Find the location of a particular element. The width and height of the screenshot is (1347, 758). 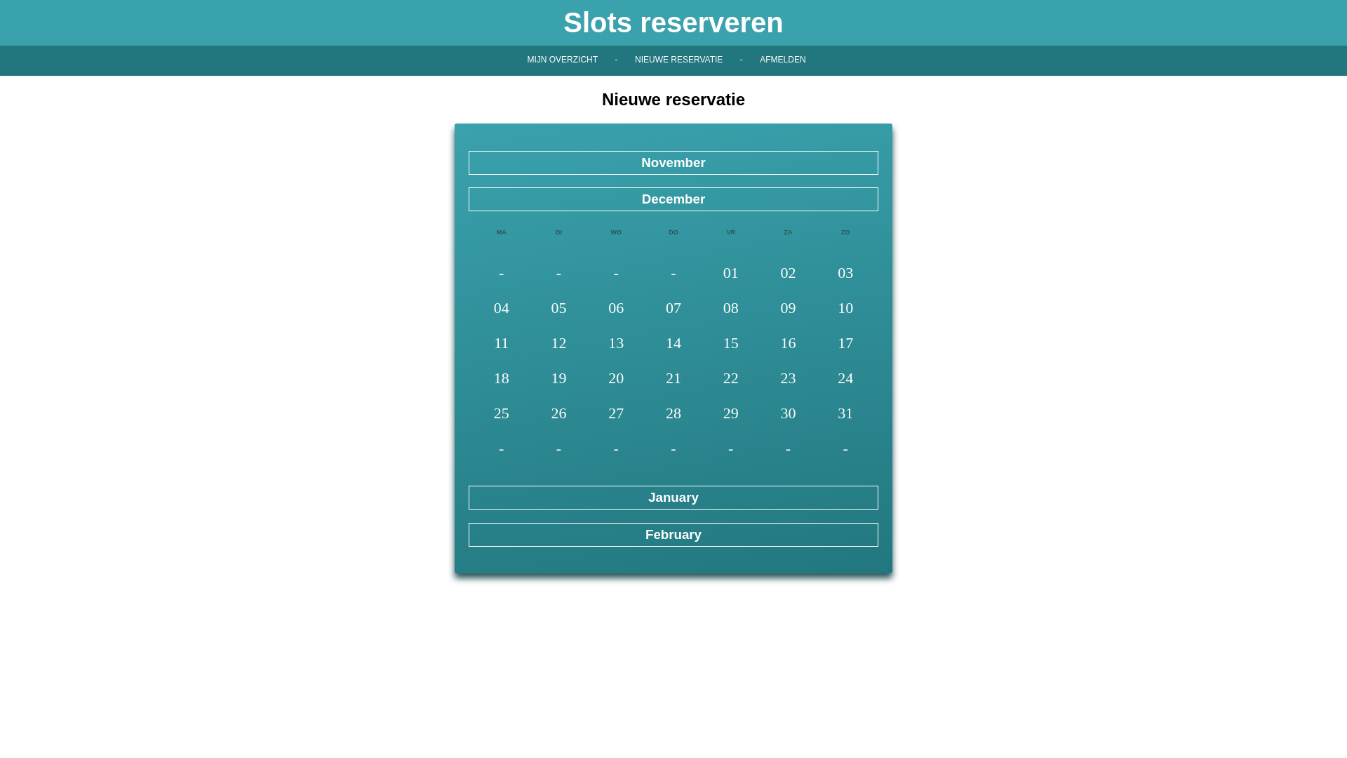

'16' is located at coordinates (788, 344).